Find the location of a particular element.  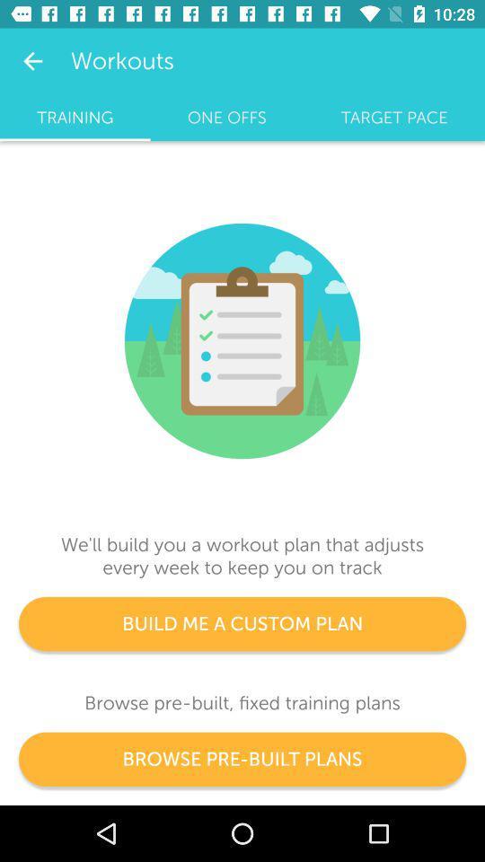

icon next to the one offs is located at coordinates (393, 117).